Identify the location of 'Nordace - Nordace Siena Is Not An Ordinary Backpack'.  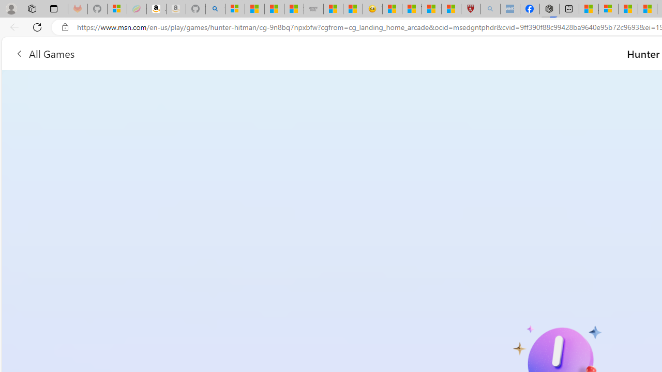
(549, 9).